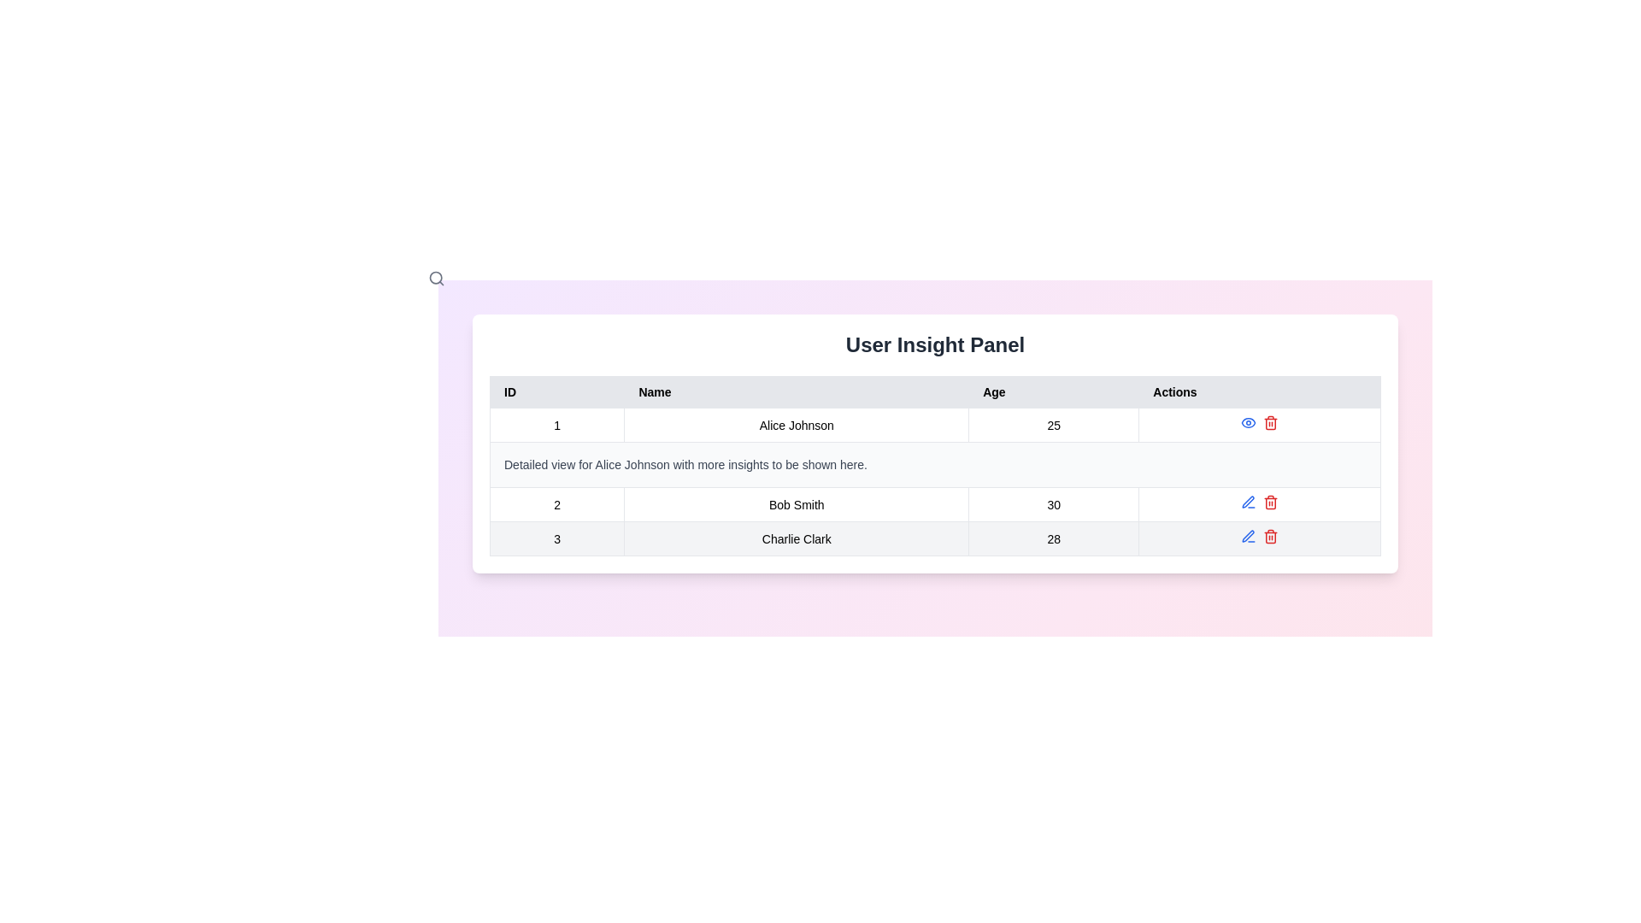  I want to click on the edit icon button located in the 'Actions' column of the second row in a table, so click(1249, 536).